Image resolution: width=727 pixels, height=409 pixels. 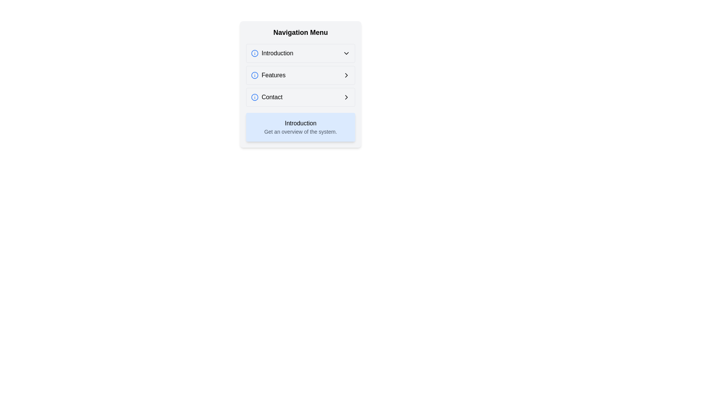 I want to click on the second menu item in the Navigation Menu, which is located between 'Introduction' and 'Contact', so click(x=300, y=75).